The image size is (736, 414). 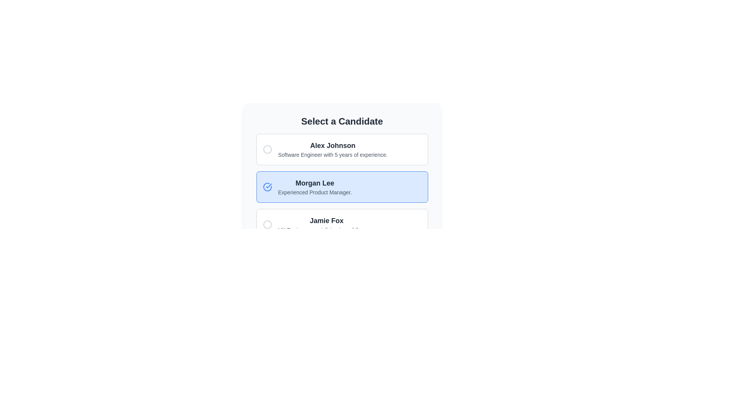 What do you see at coordinates (315, 187) in the screenshot?
I see `the Text label describing 'Morgan Lee', which is positioned in the blue-highlighted option between 'Alex Johnson' and 'Jamie Fox'` at bounding box center [315, 187].